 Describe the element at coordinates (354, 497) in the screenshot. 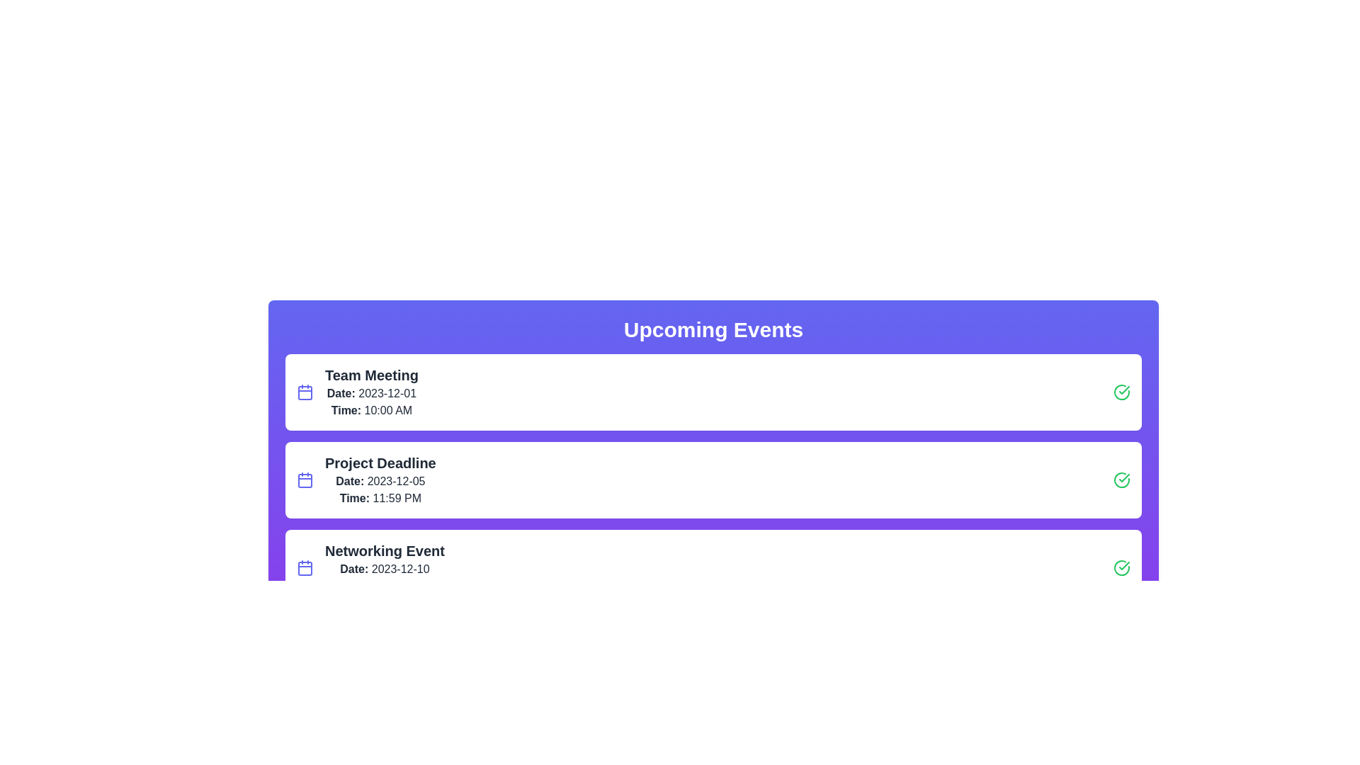

I see `the 'Time:' text label which is in bold, located before the time '11:59 PM' in the second event entry of the 'Upcoming Events' list labeled 'Project Deadline'` at that location.